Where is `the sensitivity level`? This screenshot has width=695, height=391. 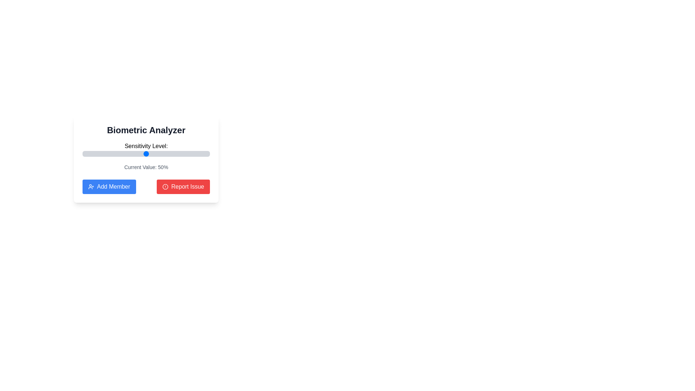
the sensitivity level is located at coordinates (102, 153).